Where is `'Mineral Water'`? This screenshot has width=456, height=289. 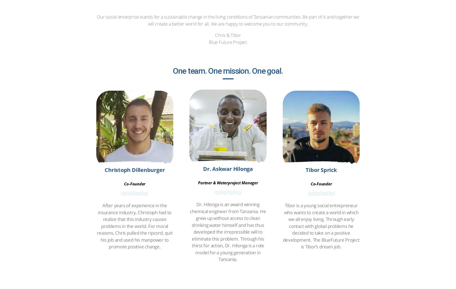 'Mineral Water' is located at coordinates (181, 207).